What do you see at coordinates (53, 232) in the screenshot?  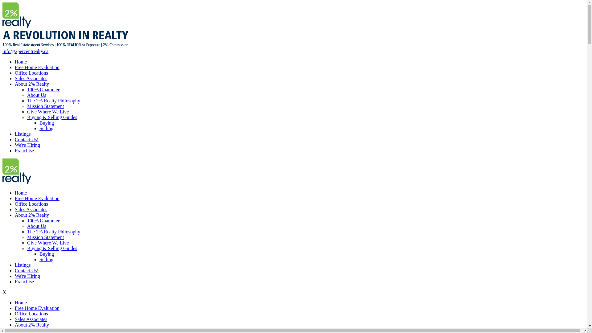 I see `'The 2% Realty Philosophy'` at bounding box center [53, 232].